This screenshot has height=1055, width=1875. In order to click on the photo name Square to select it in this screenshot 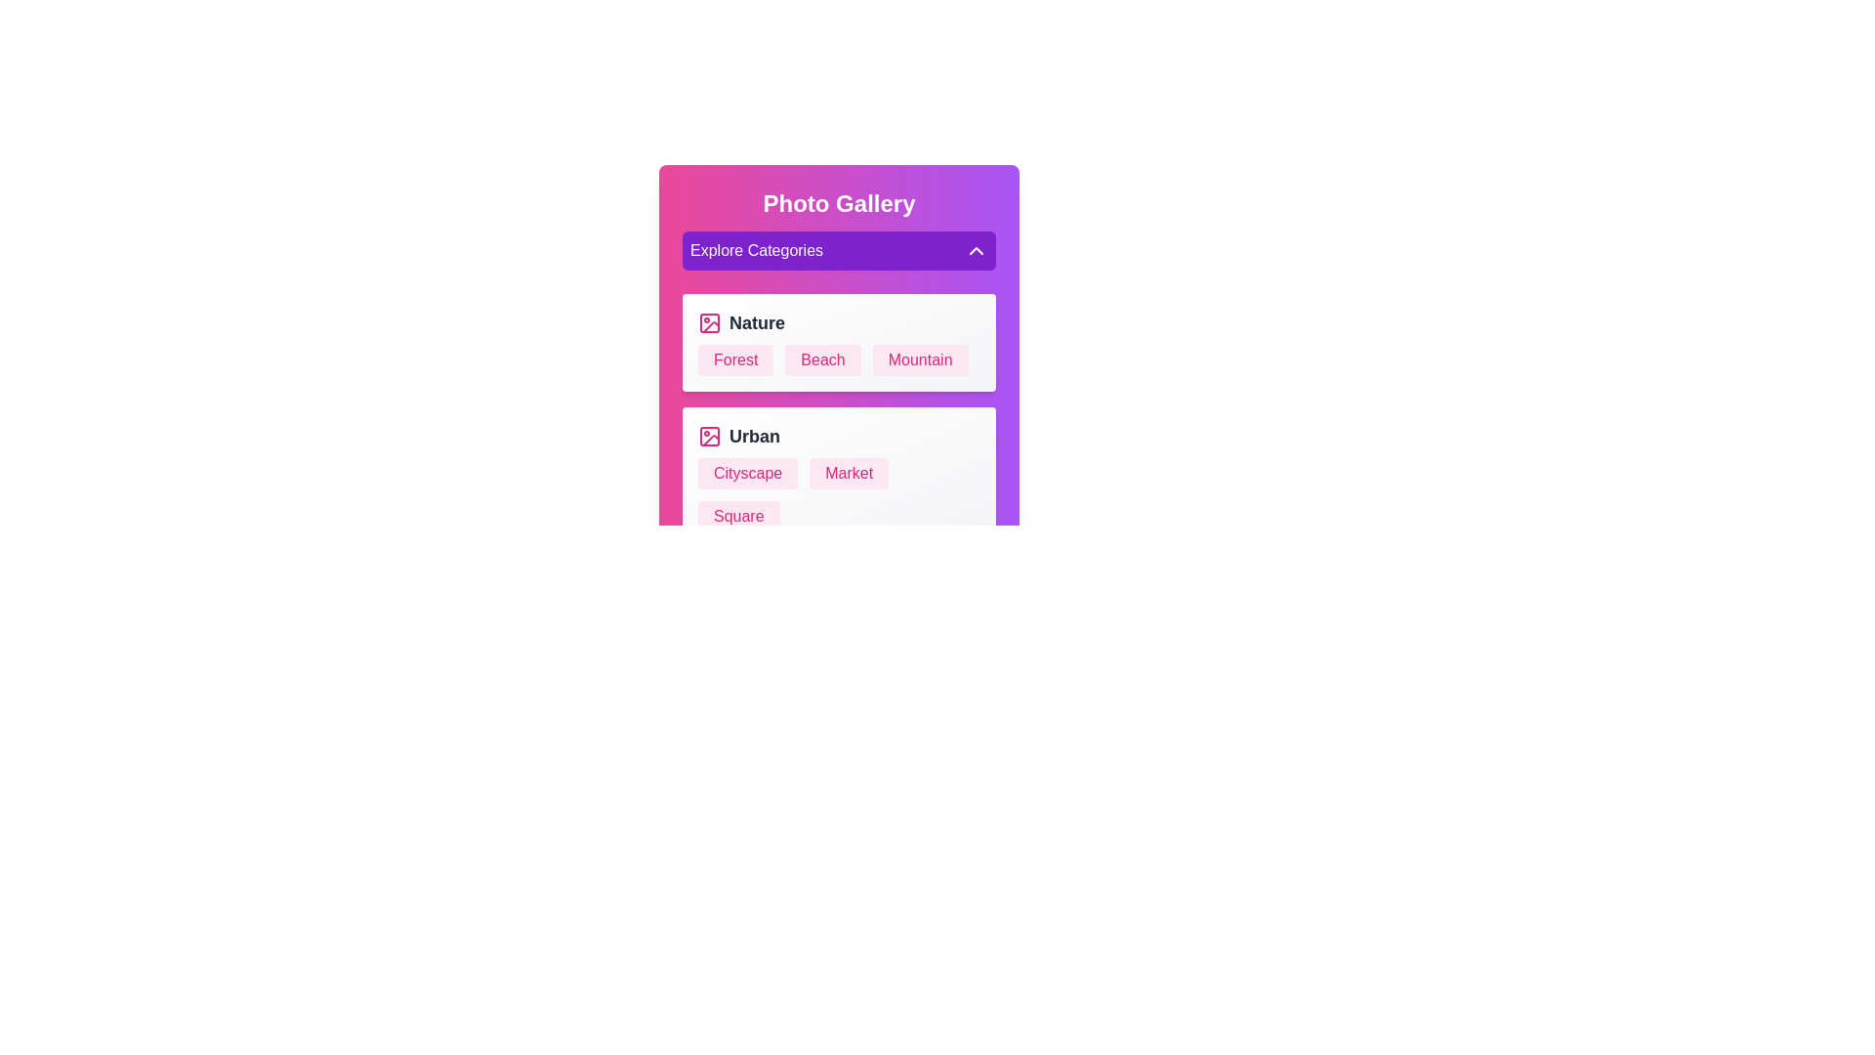, I will do `click(737, 515)`.